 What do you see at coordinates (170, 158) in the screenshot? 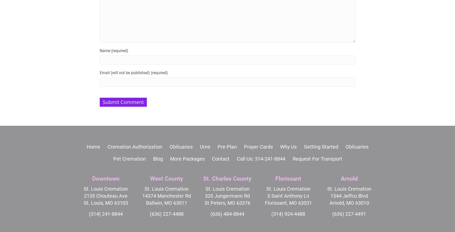
I see `'More Packages'` at bounding box center [170, 158].